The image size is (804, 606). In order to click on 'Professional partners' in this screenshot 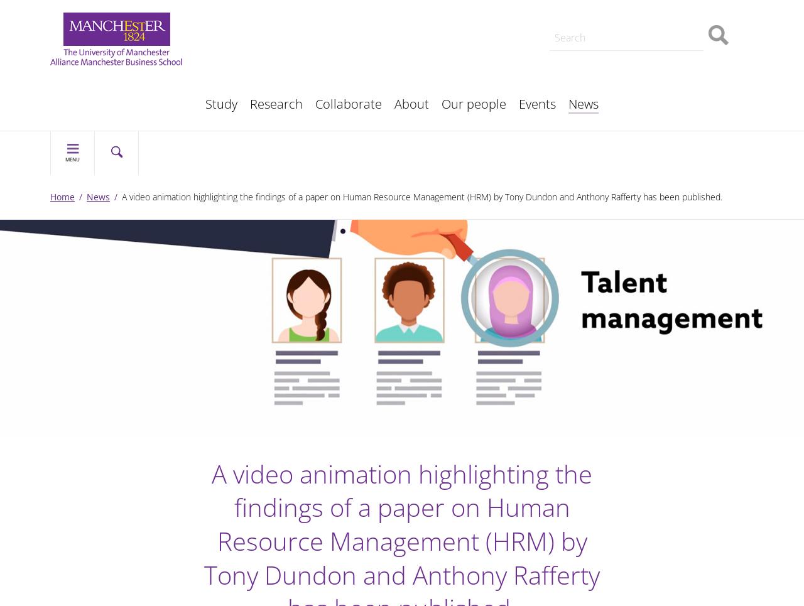, I will do `click(285, 83)`.